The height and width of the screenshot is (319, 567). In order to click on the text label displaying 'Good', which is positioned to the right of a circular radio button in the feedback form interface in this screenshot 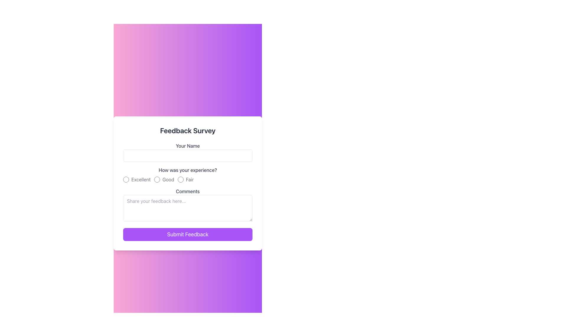, I will do `click(168, 179)`.